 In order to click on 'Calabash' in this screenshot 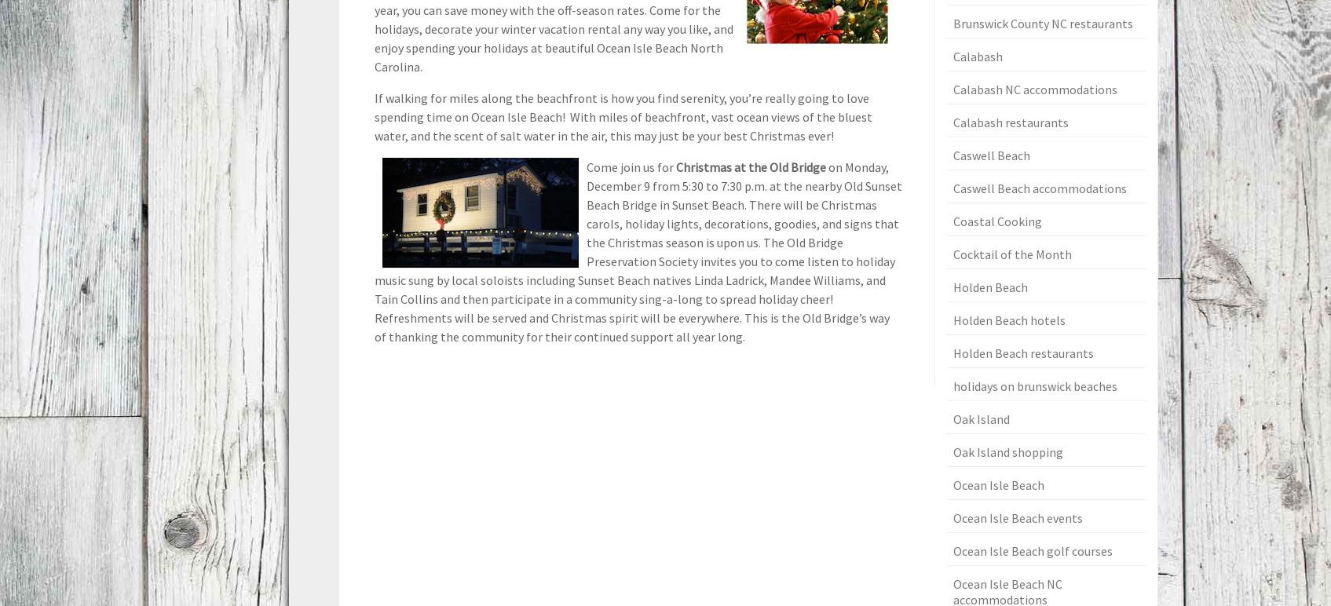, I will do `click(952, 56)`.